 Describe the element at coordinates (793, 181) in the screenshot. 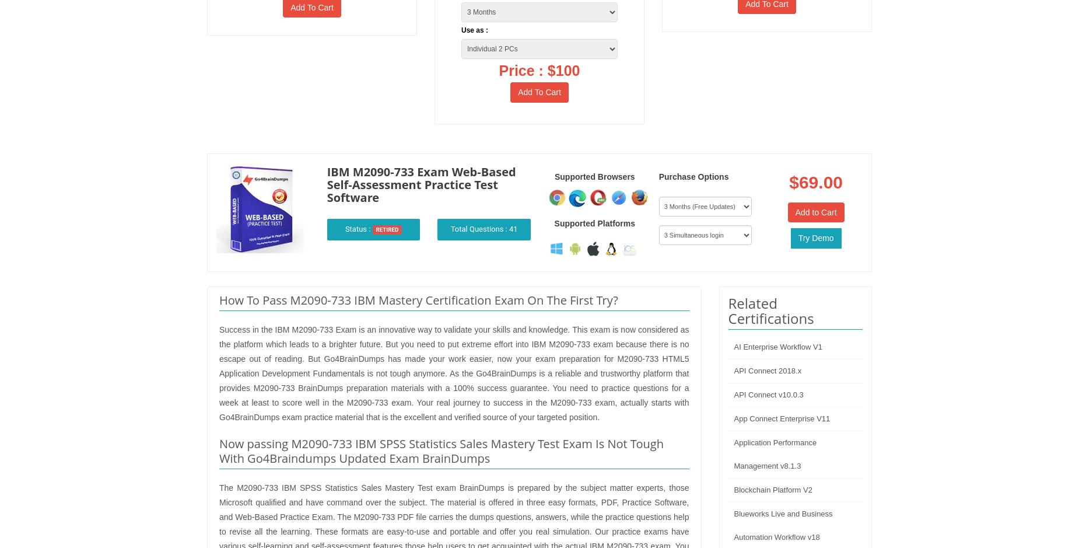

I see `'$'` at that location.